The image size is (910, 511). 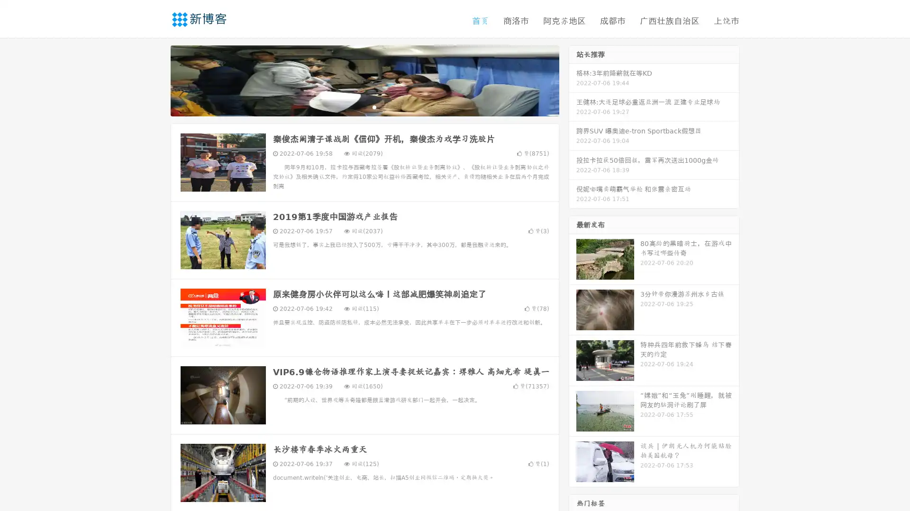 I want to click on Go to slide 3, so click(x=374, y=106).